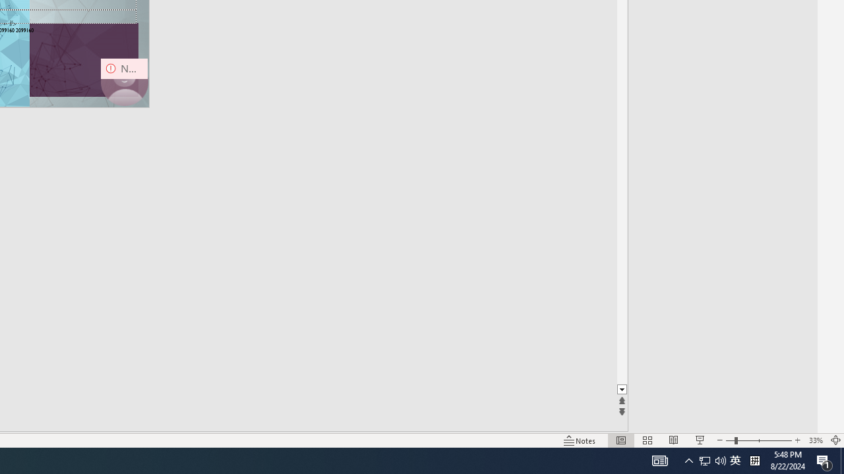 This screenshot has height=474, width=844. What do you see at coordinates (580, 440) in the screenshot?
I see `'Notes '` at bounding box center [580, 440].